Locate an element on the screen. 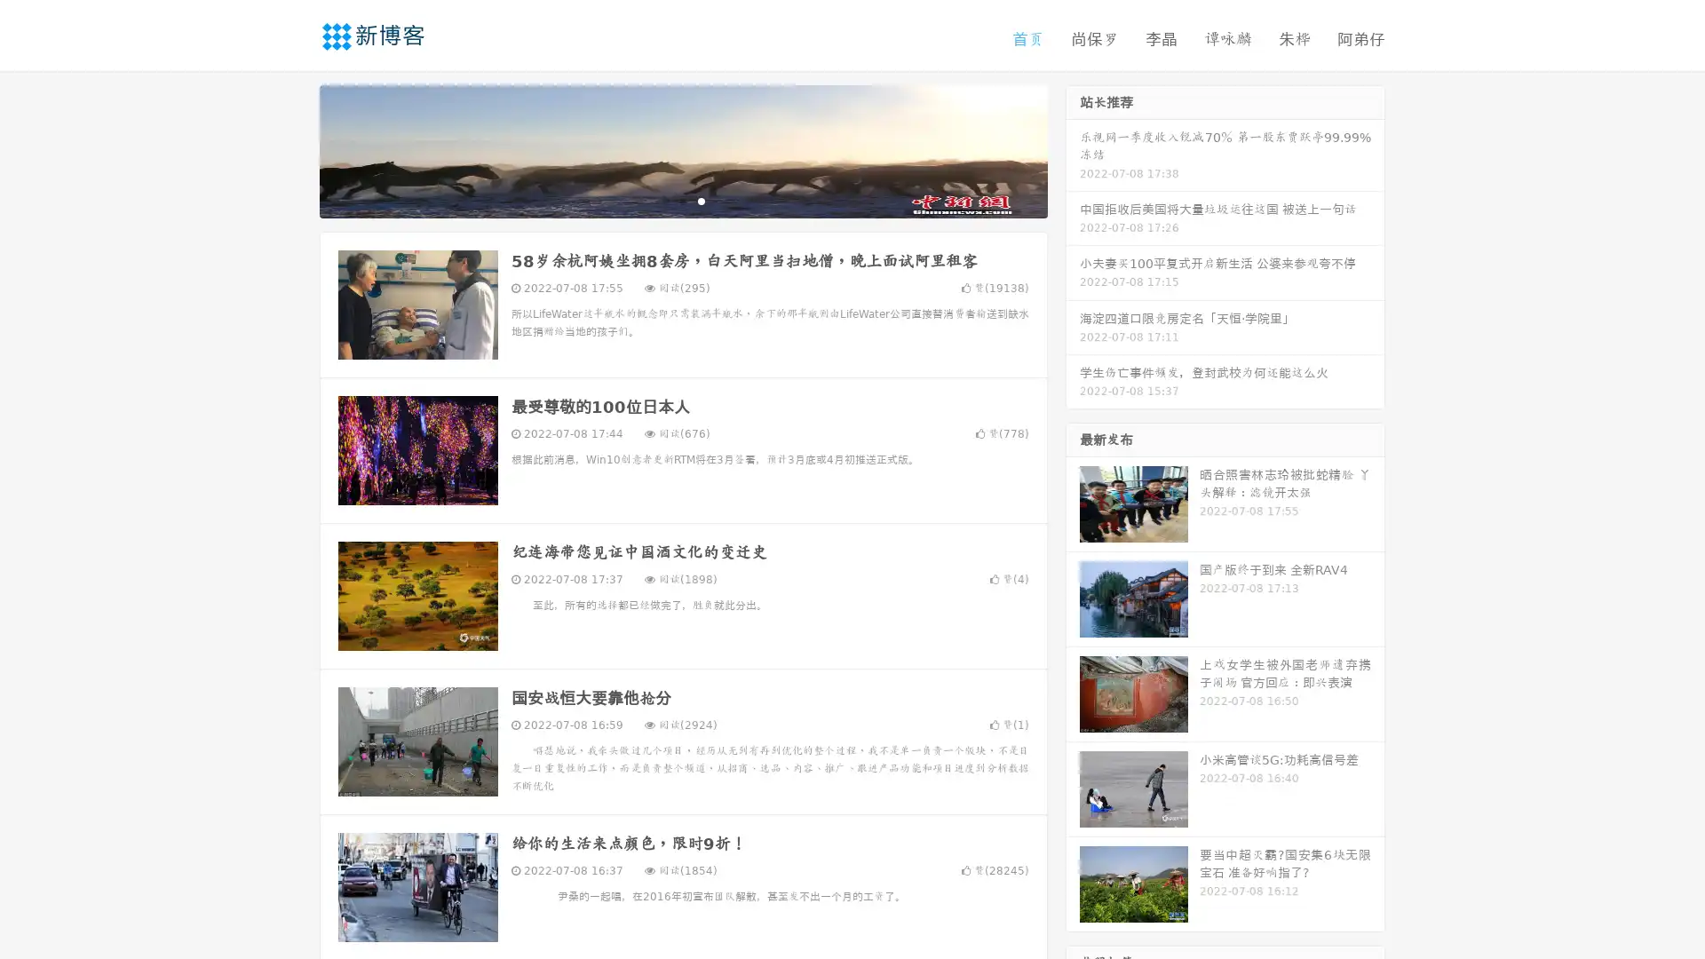  Go to slide 1 is located at coordinates (664, 200).